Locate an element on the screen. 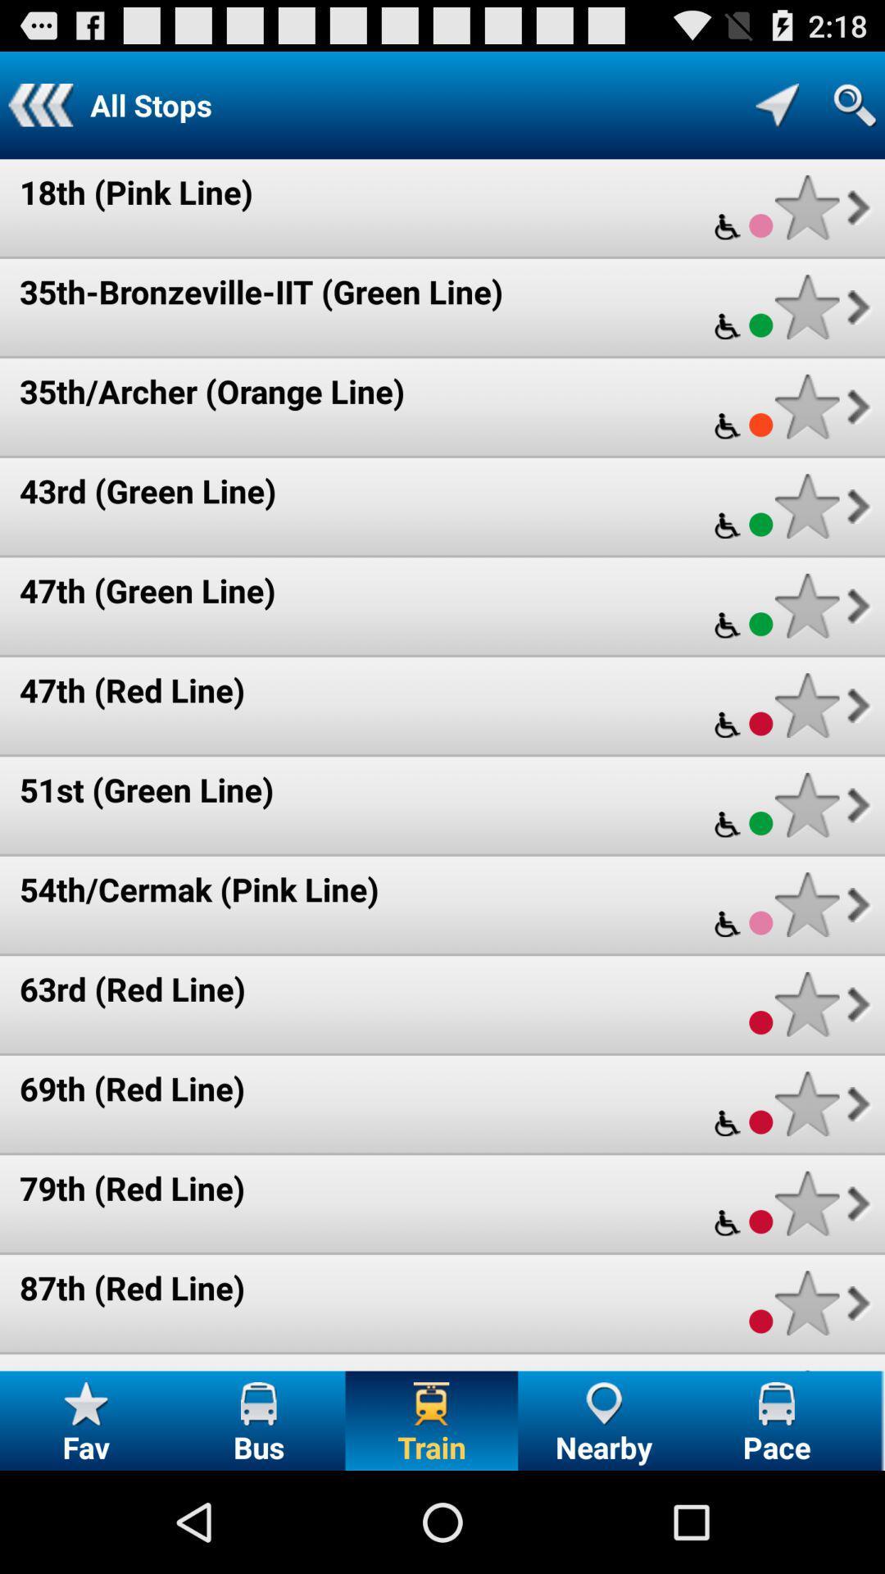  the navigation icon is located at coordinates (776, 111).